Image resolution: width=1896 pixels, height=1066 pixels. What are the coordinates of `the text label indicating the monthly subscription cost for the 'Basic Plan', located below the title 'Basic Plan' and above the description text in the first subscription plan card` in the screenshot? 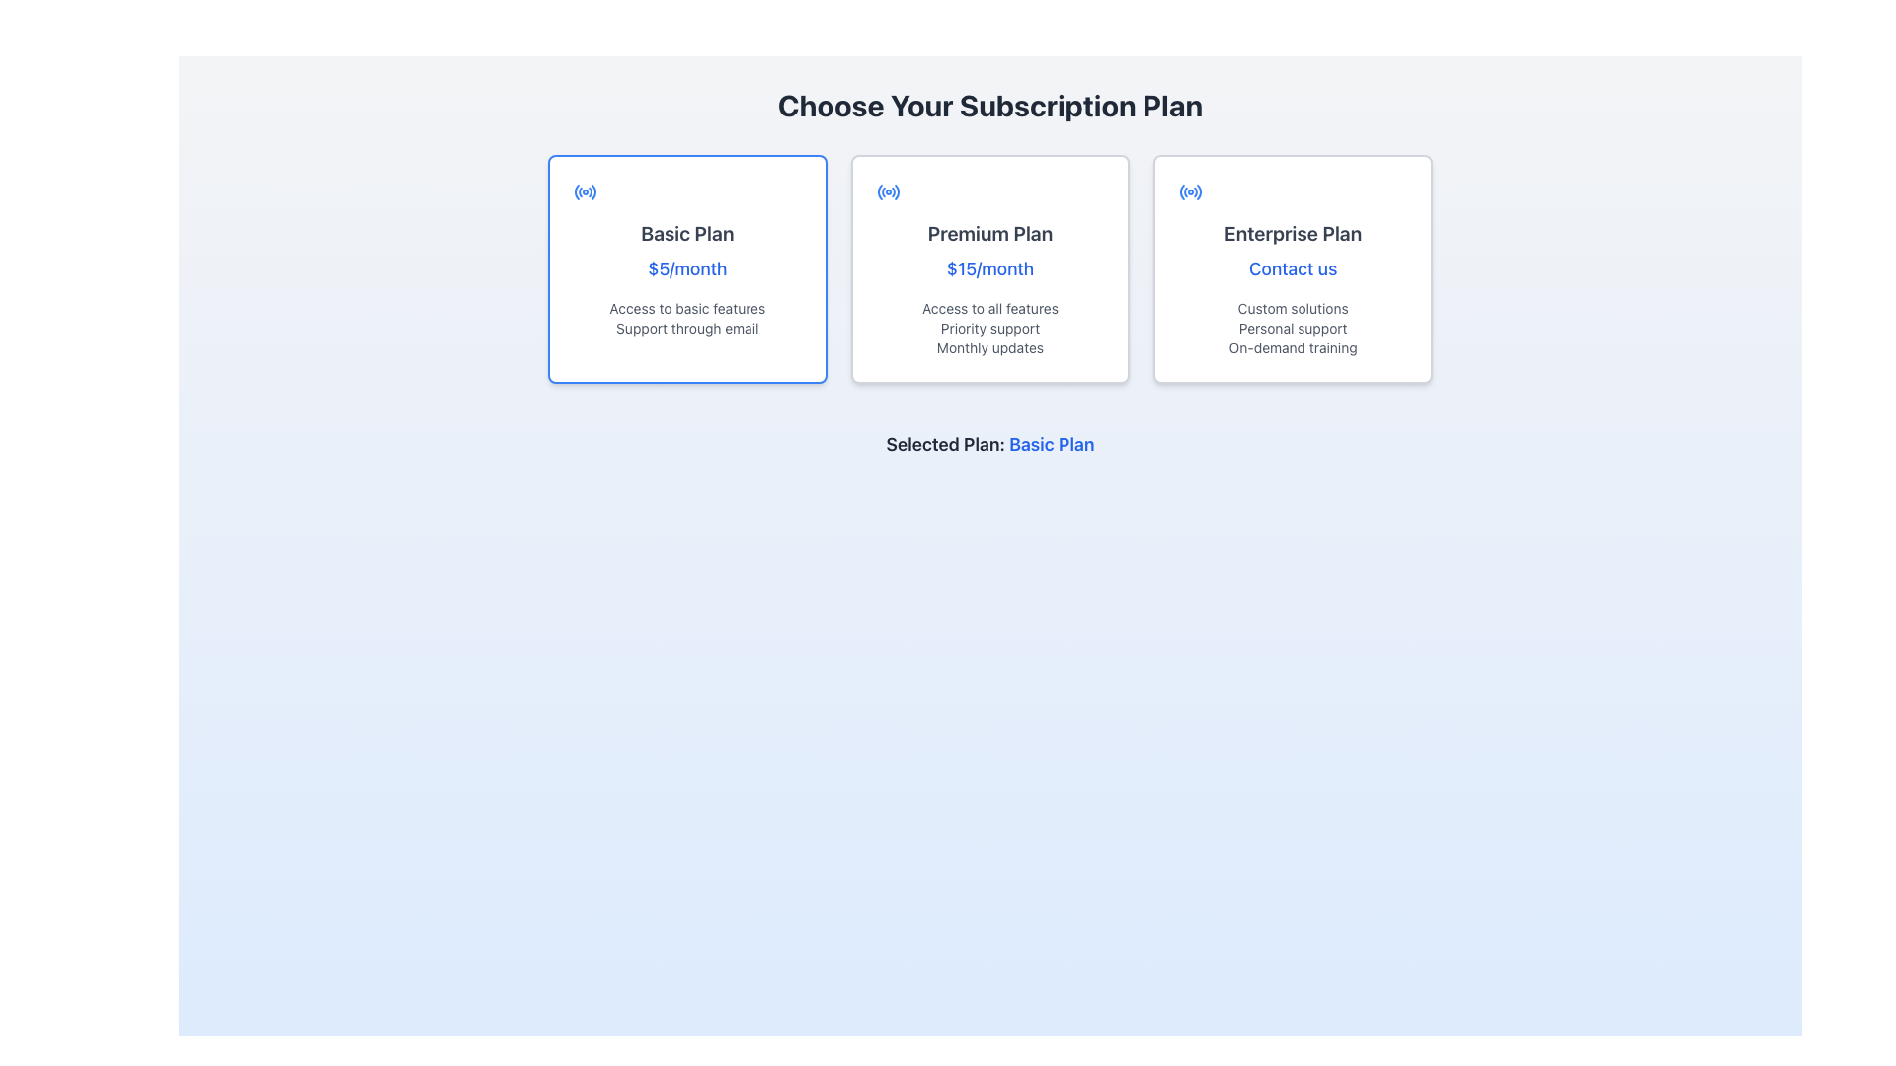 It's located at (687, 269).